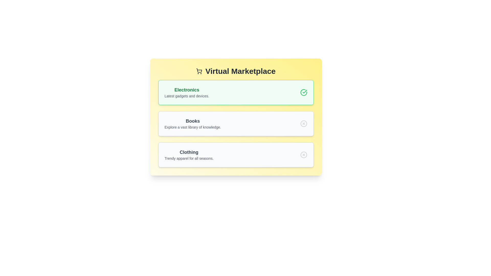 The width and height of the screenshot is (491, 276). I want to click on the category item Books to view its hover effect, so click(192, 123).